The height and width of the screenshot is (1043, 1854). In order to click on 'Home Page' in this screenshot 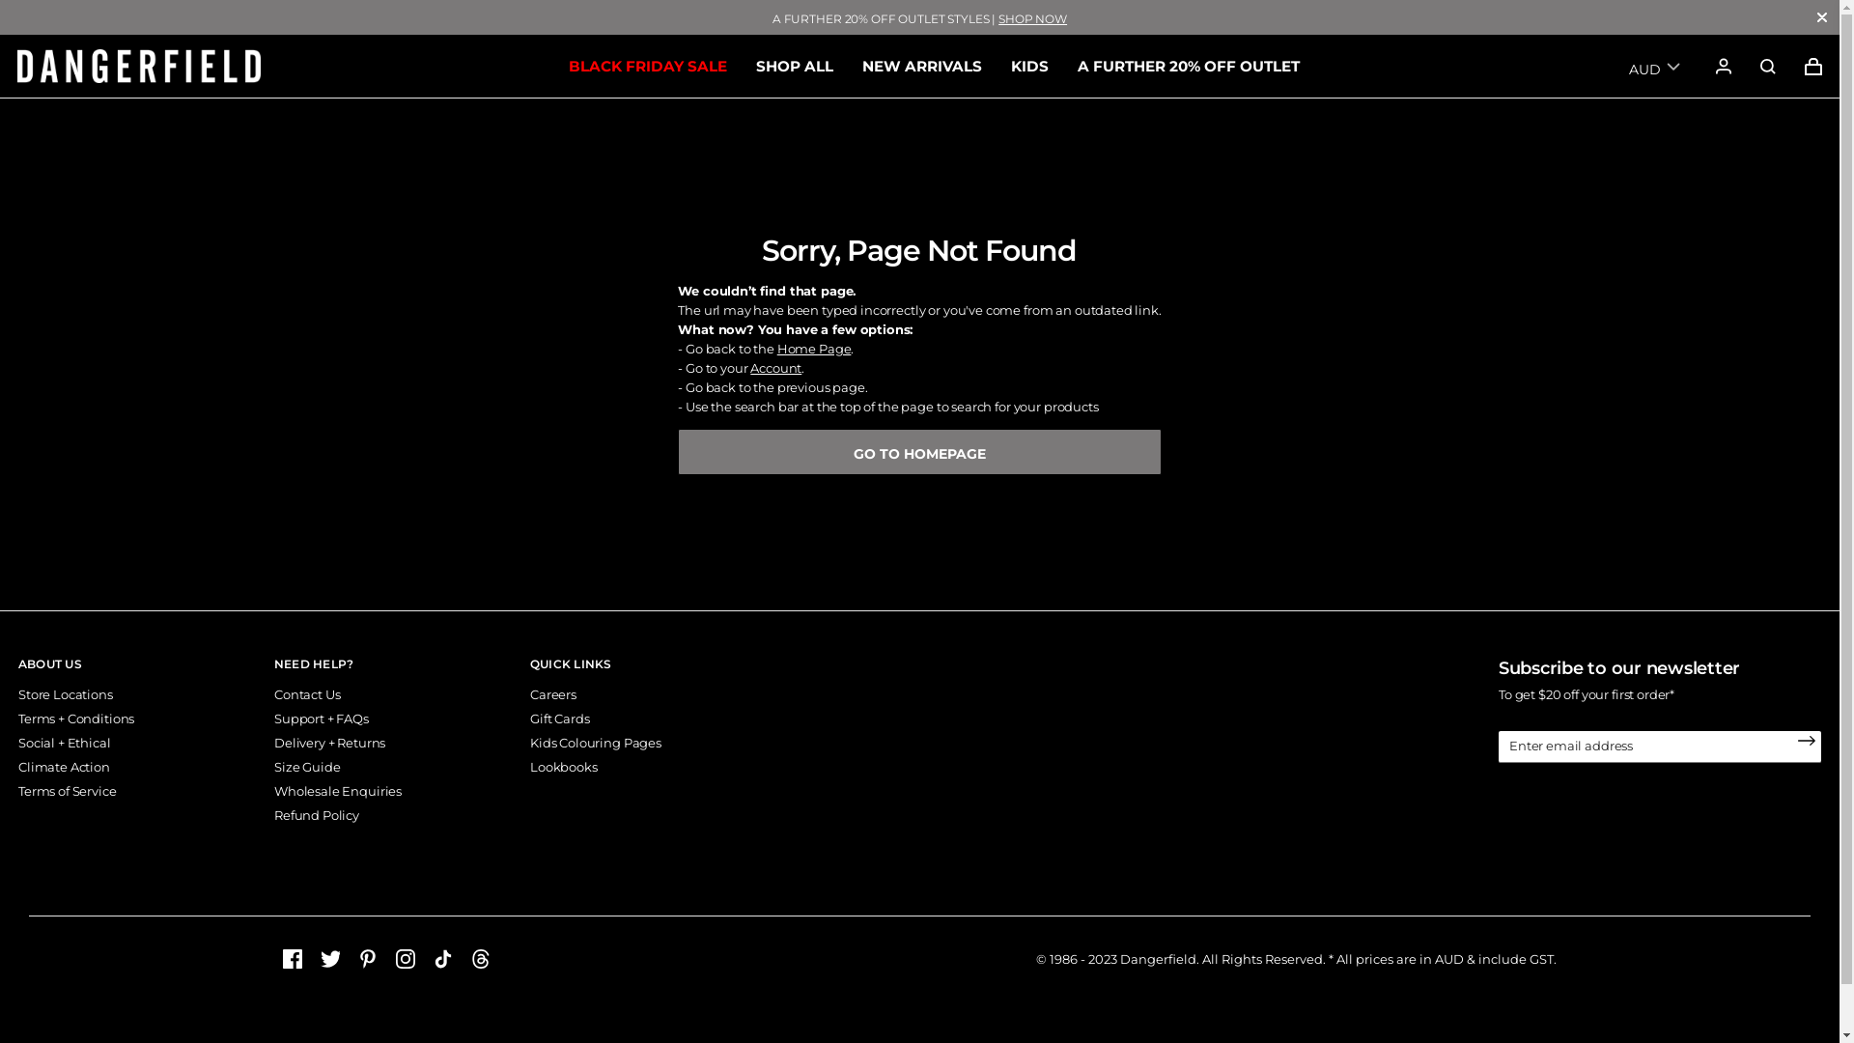, I will do `click(814, 349)`.